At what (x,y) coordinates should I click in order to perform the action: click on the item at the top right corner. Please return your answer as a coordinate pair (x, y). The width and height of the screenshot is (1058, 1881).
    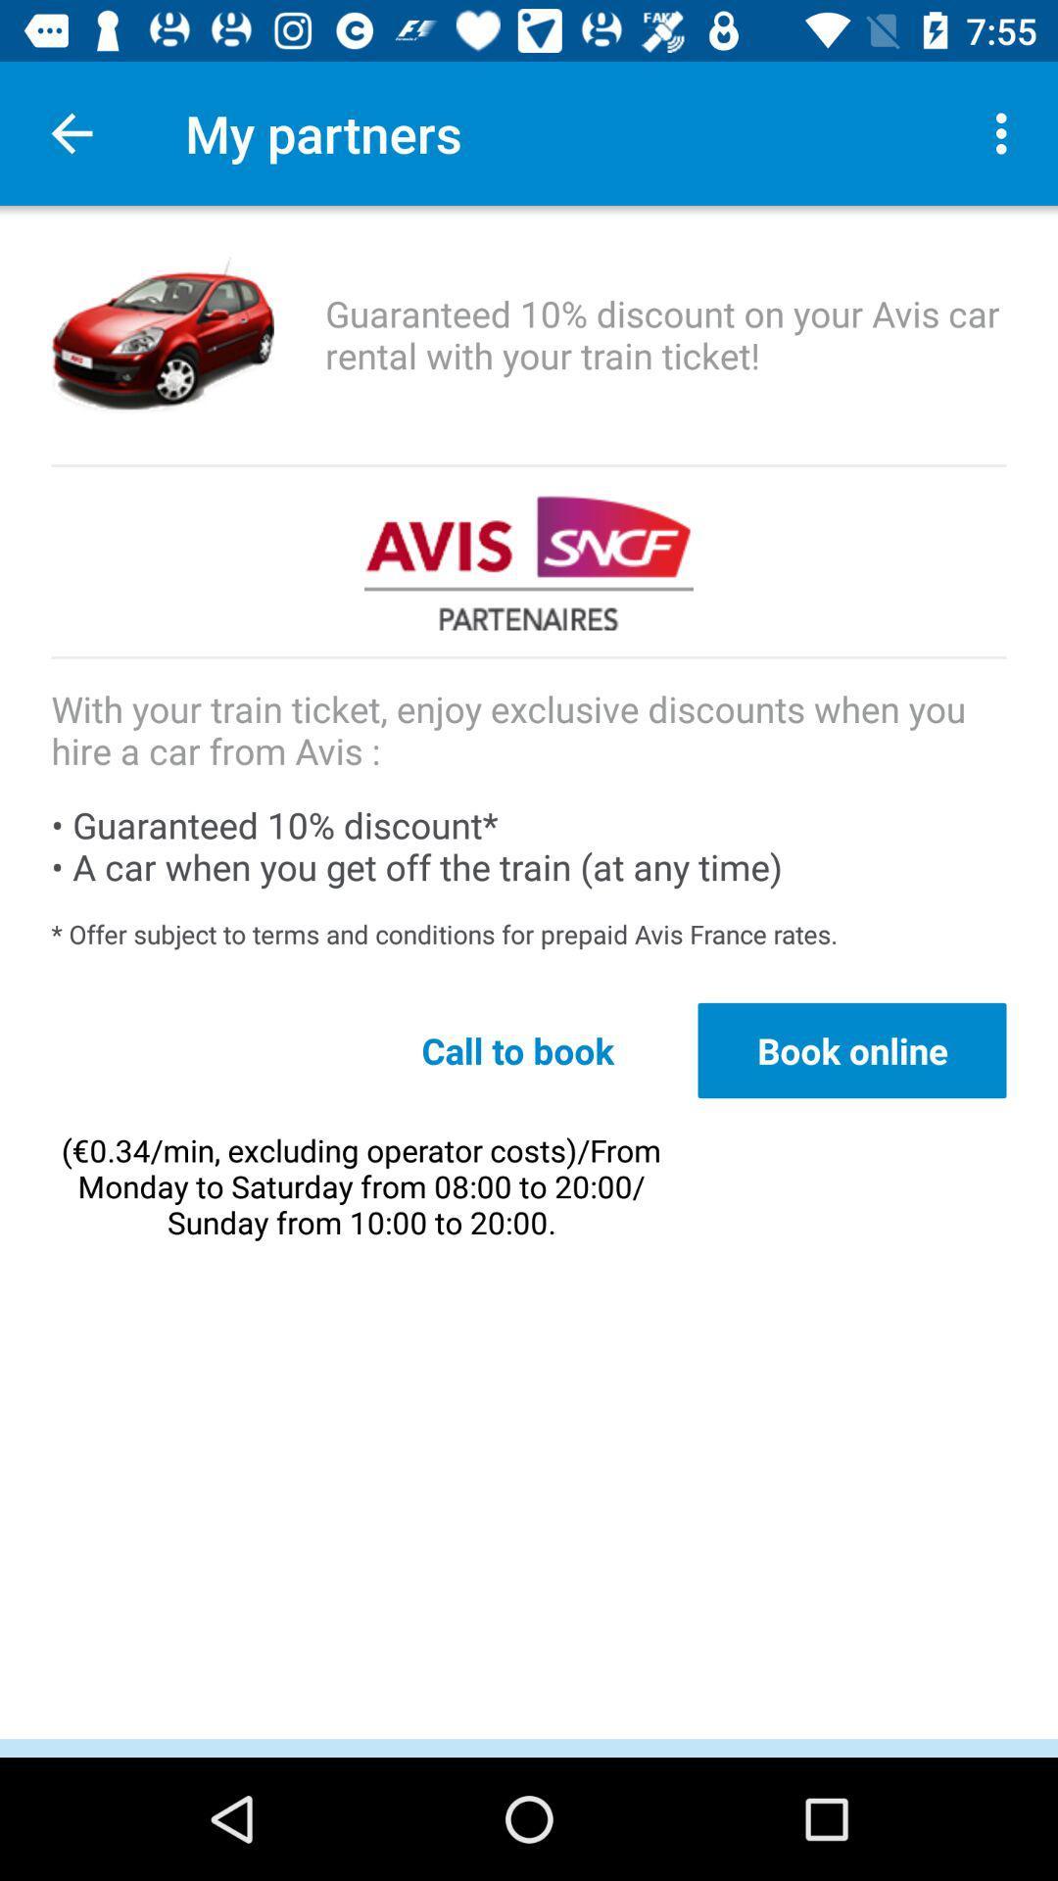
    Looking at the image, I should click on (1006, 132).